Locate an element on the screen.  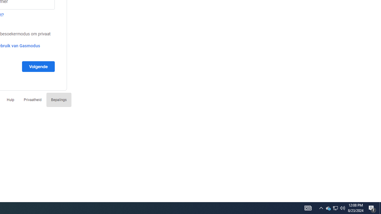
'Privaatheid' is located at coordinates (32, 99).